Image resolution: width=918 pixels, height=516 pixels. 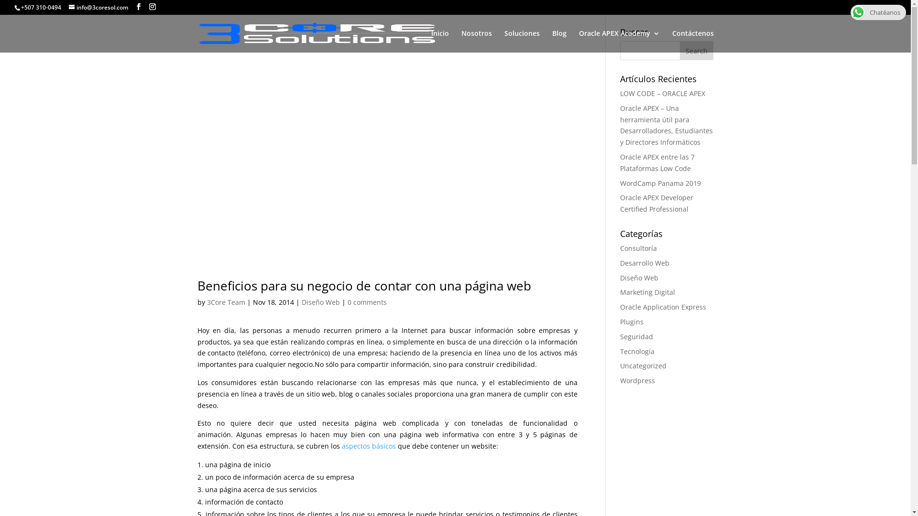 I want to click on 'Oracle APEX Academy', so click(x=578, y=41).